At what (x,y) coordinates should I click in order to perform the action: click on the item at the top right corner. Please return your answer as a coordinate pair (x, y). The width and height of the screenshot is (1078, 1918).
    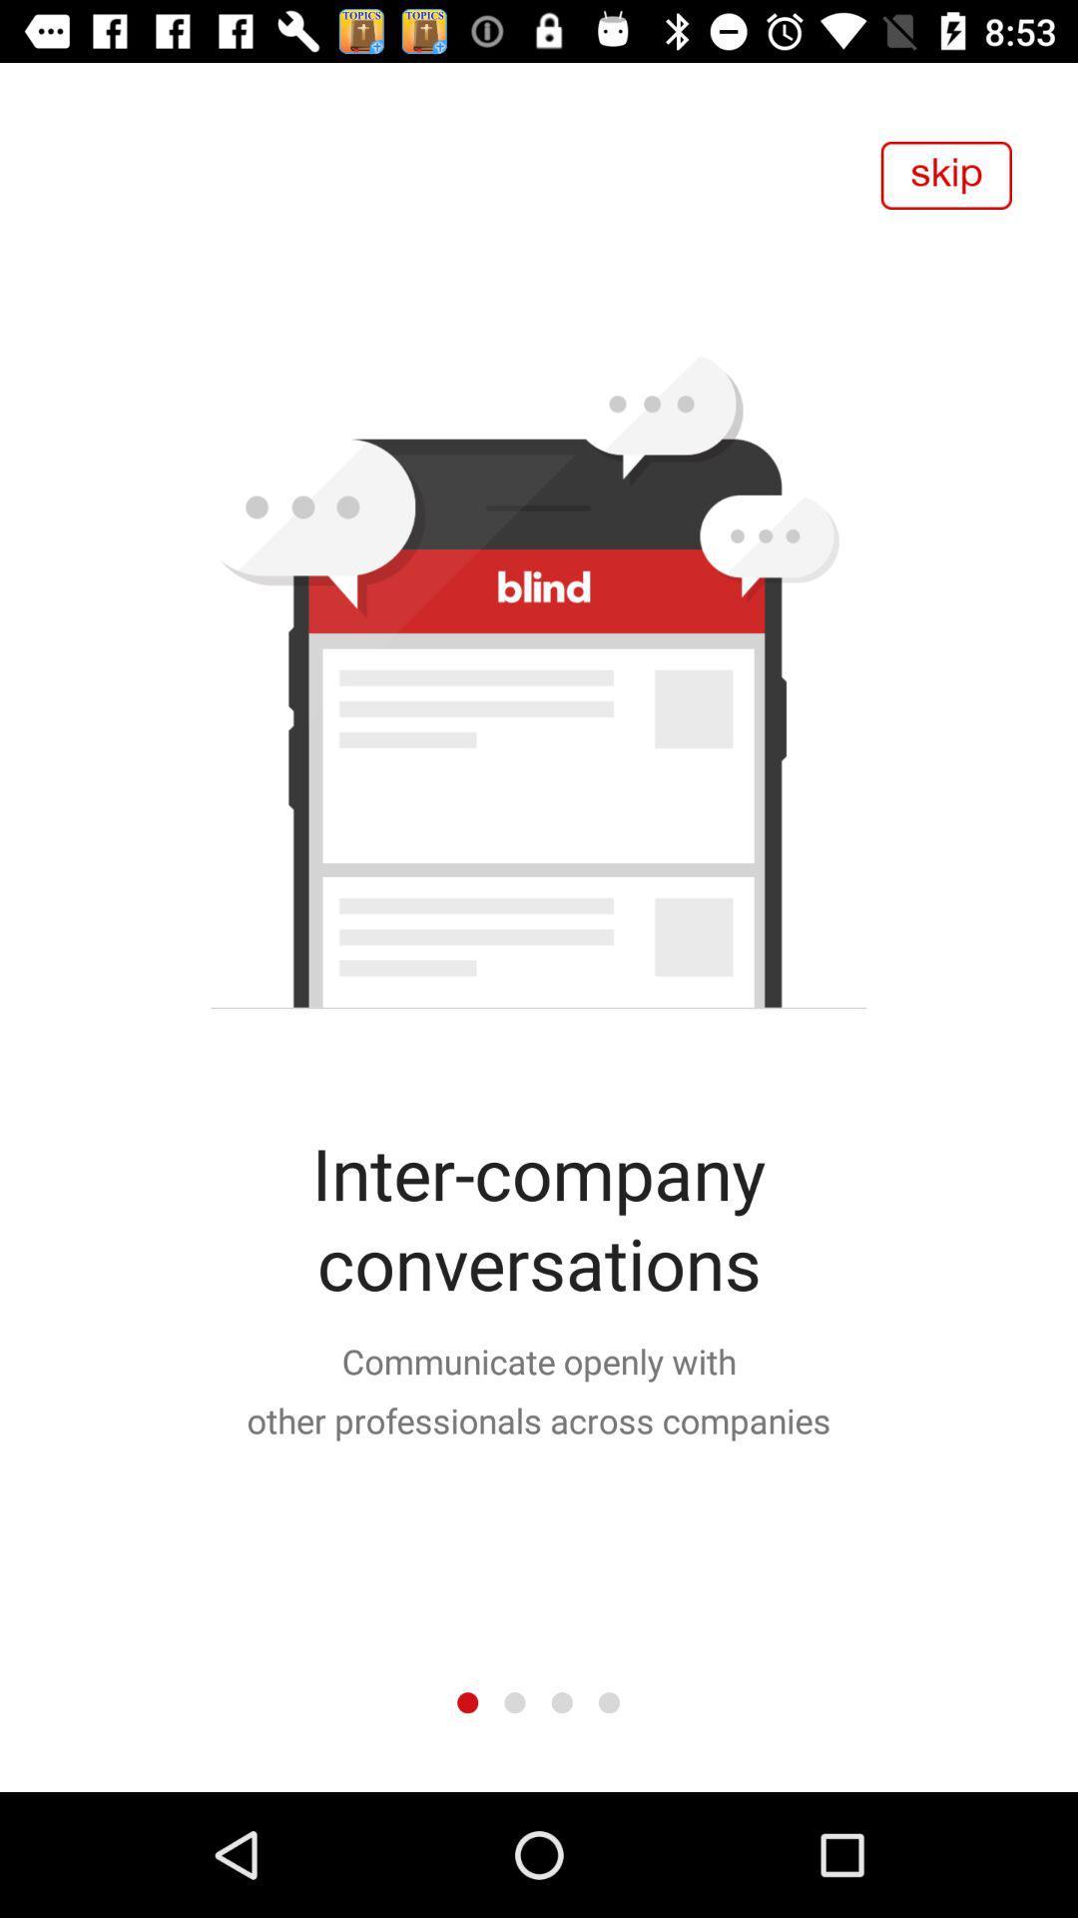
    Looking at the image, I should click on (945, 175).